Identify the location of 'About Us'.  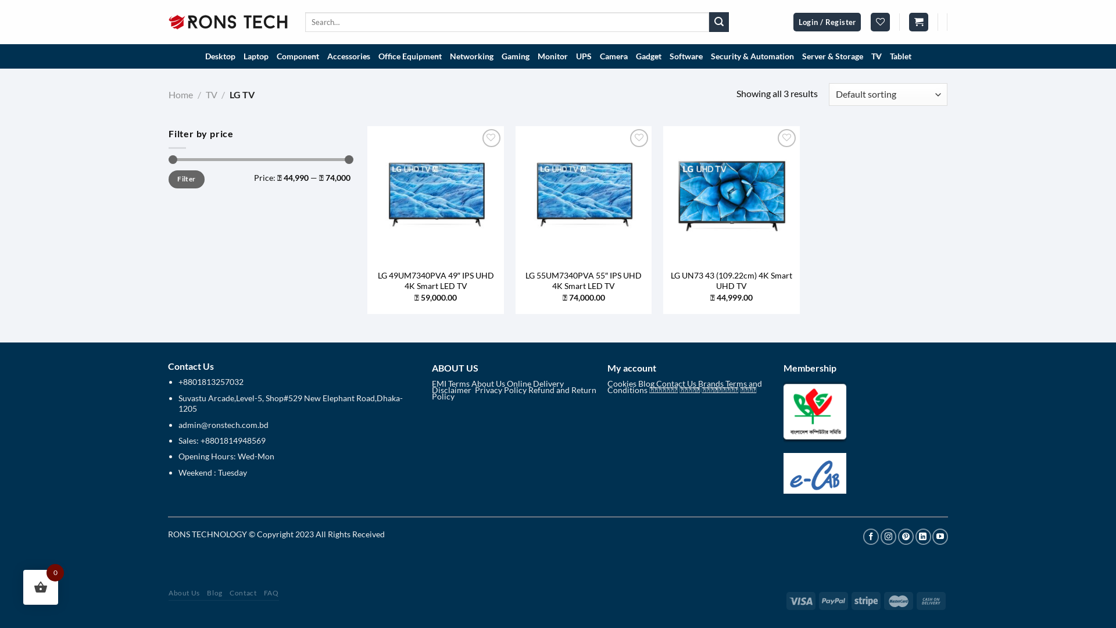
(488, 383).